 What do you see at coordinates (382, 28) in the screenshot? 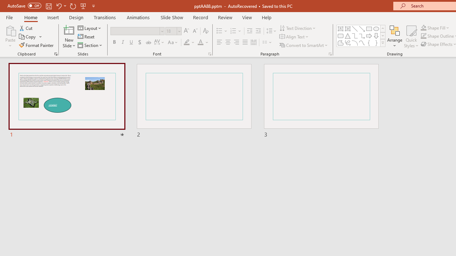
I see `'Row up'` at bounding box center [382, 28].